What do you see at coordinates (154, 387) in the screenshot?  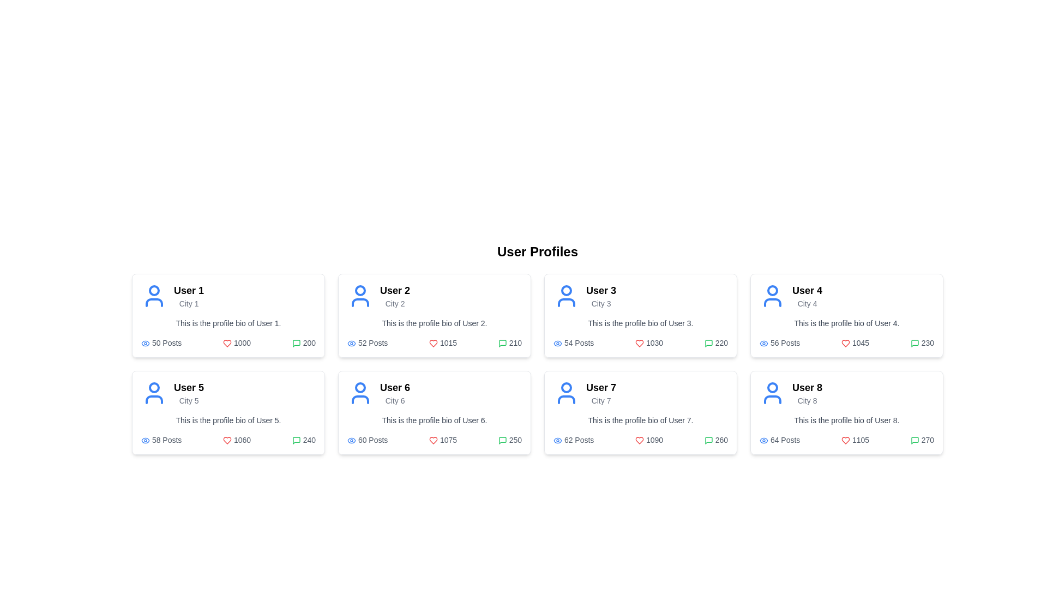 I see `the head icon of the user illustration for 'User 5' located in the profile card at the second row, first column of the grid` at bounding box center [154, 387].